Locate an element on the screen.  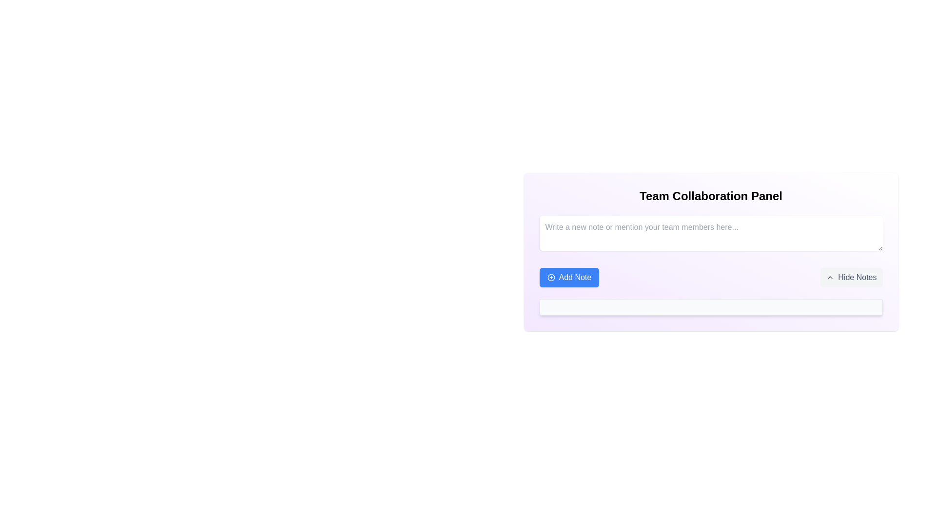
the text input area with a light gray background and rounded corners, located below the title 'Team Collaboration Panel' is located at coordinates (711, 233).